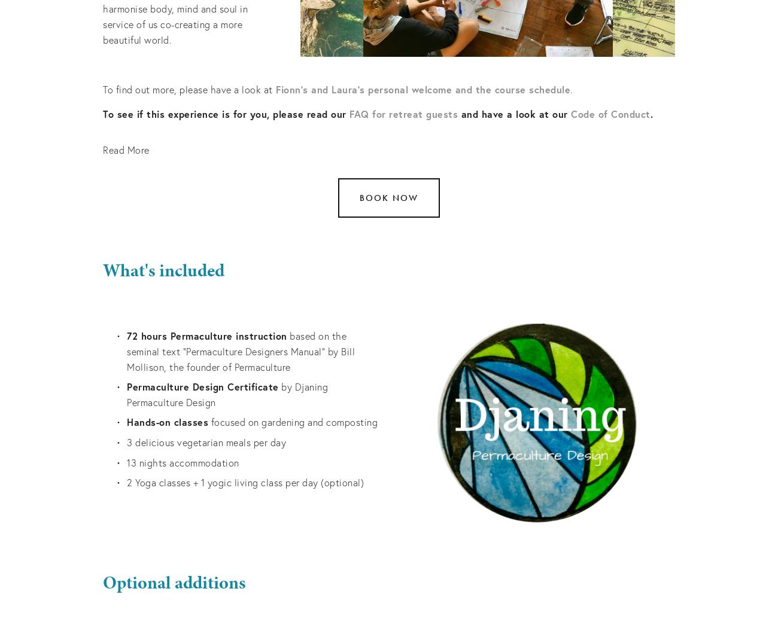  I want to click on 'To see if this experience is for you, please read our', so click(226, 114).